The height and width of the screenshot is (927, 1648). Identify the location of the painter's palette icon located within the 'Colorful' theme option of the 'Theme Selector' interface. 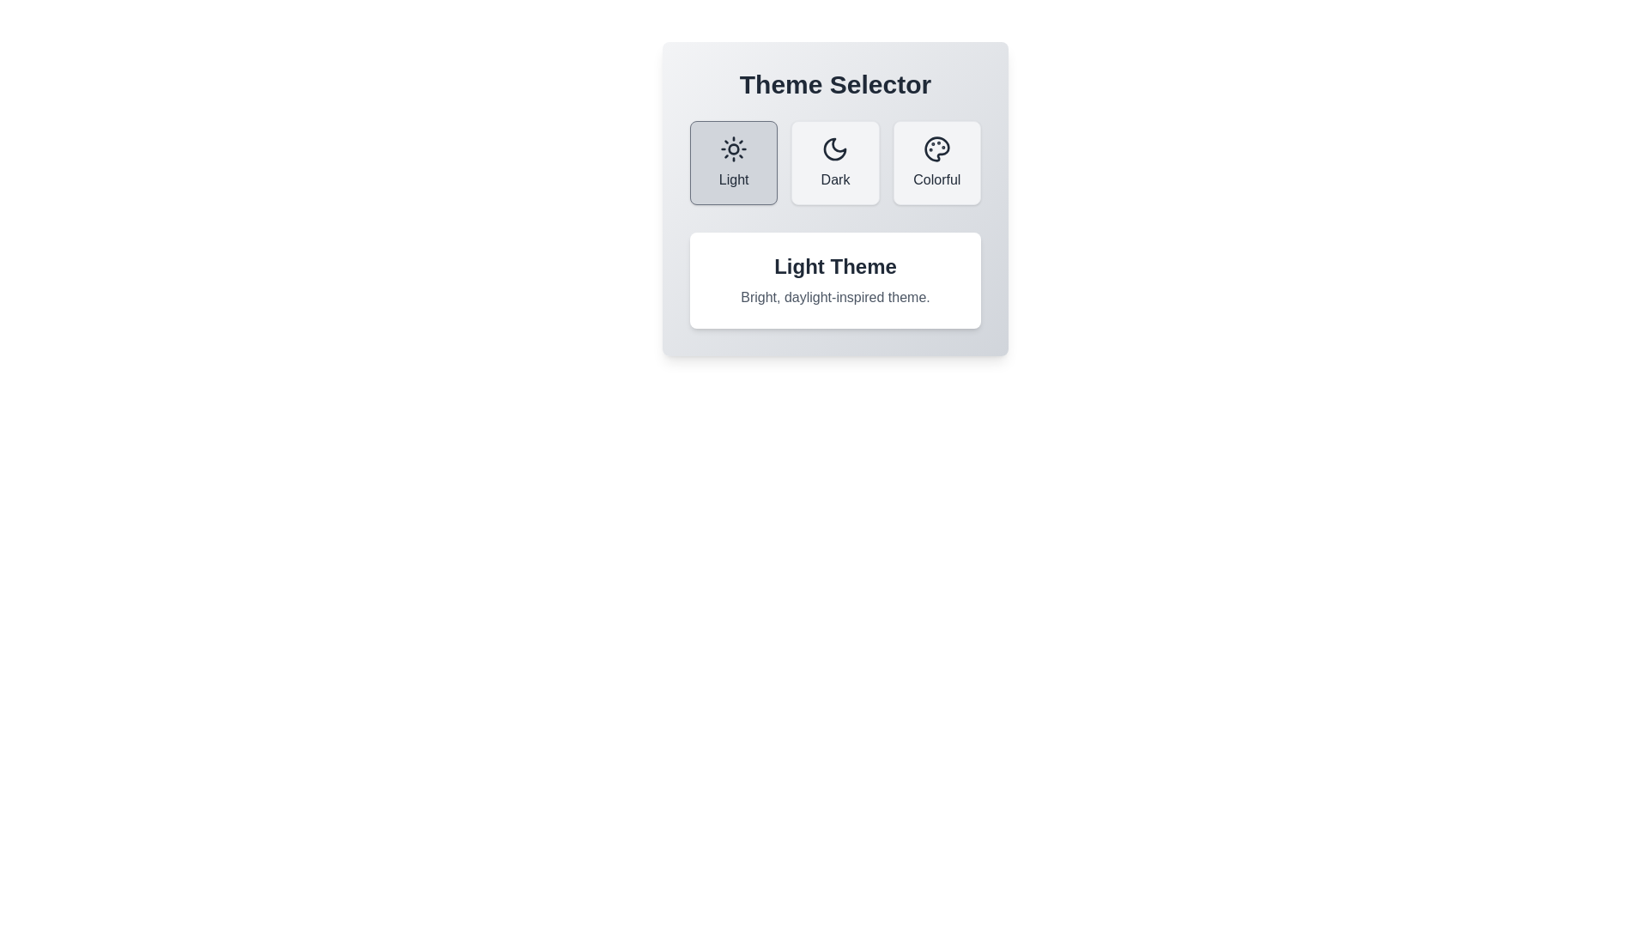
(936, 148).